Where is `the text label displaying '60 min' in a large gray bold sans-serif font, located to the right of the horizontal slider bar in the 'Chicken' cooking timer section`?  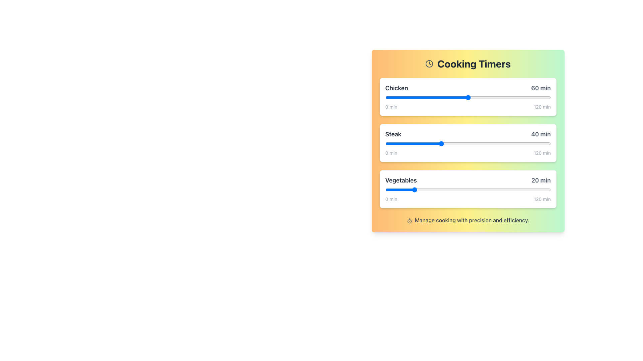 the text label displaying '60 min' in a large gray bold sans-serif font, located to the right of the horizontal slider bar in the 'Chicken' cooking timer section is located at coordinates (541, 88).